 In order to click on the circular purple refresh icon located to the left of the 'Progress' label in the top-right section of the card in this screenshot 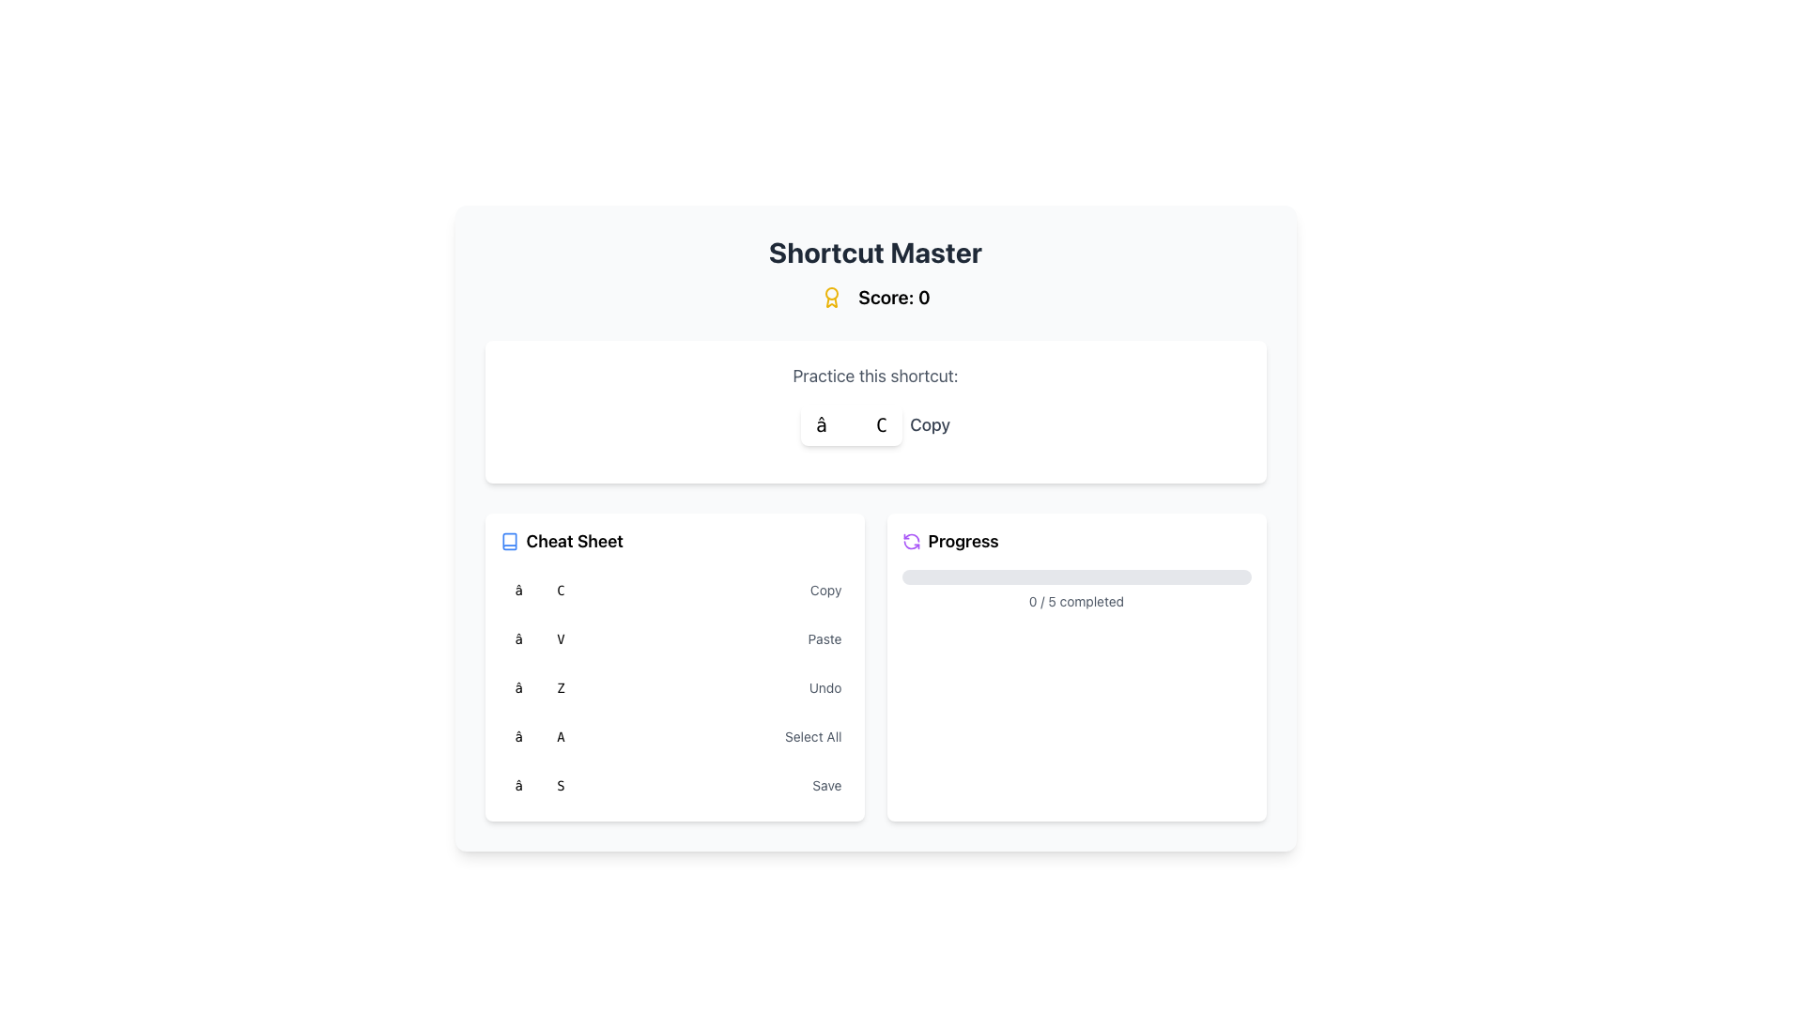, I will do `click(911, 542)`.